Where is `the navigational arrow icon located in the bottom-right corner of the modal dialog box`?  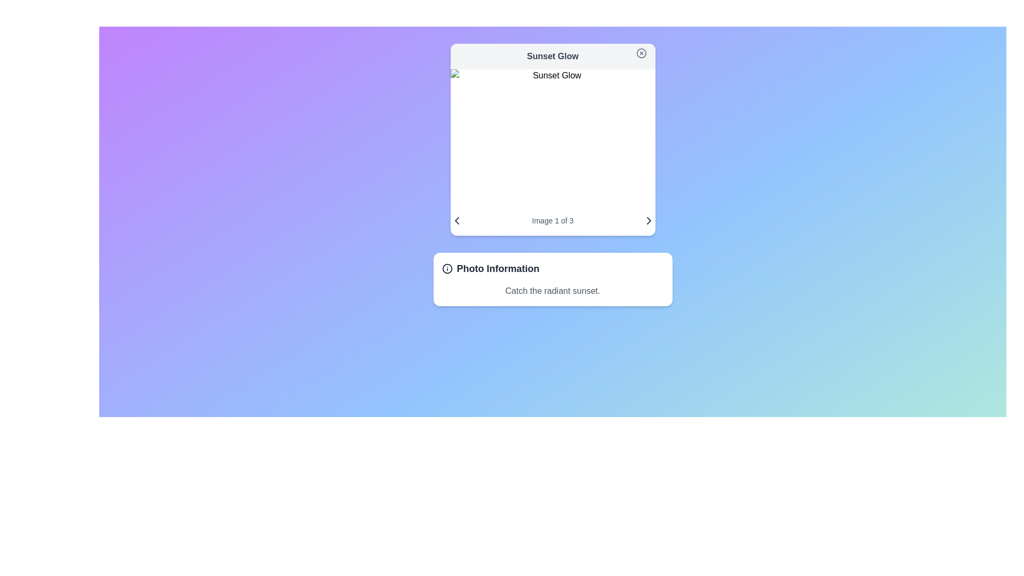 the navigational arrow icon located in the bottom-right corner of the modal dialog box is located at coordinates (648, 220).